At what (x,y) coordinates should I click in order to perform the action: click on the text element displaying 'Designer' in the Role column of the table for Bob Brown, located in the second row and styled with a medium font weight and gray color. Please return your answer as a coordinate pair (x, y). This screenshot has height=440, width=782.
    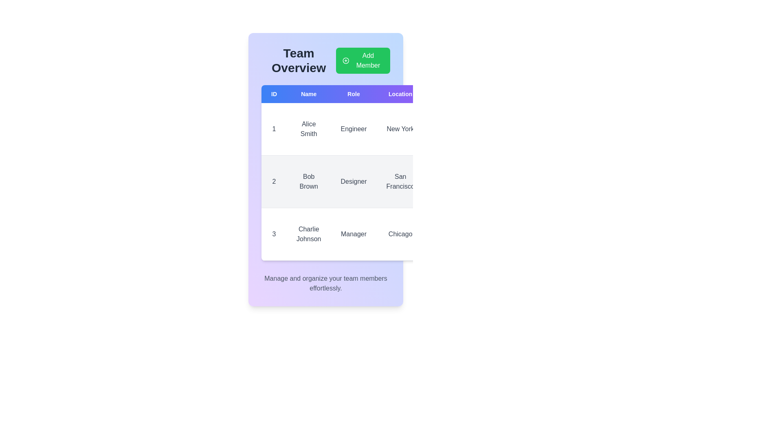
    Looking at the image, I should click on (354, 181).